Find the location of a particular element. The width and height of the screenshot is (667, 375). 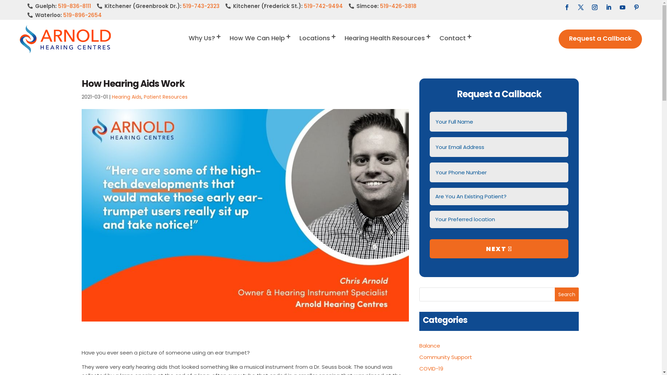

'519-426-3818' is located at coordinates (398, 6).